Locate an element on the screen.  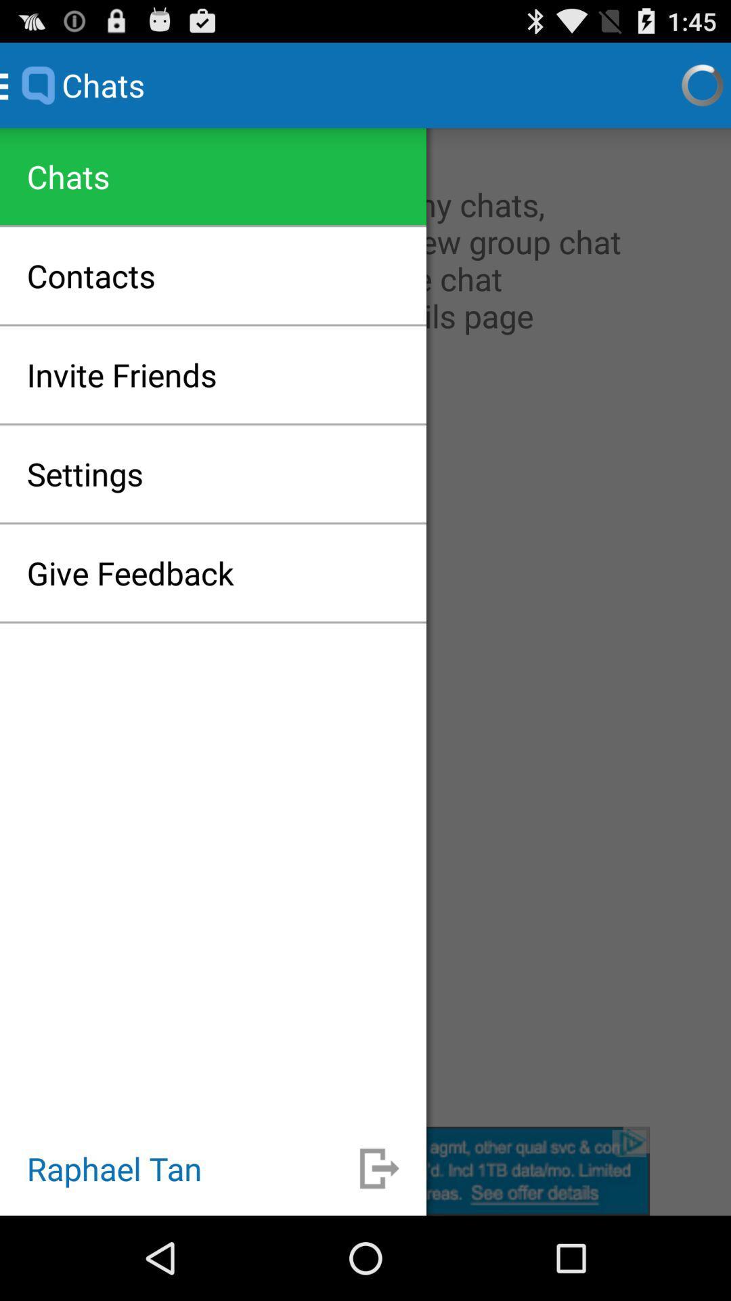
the item below the contacts icon is located at coordinates (122, 375).